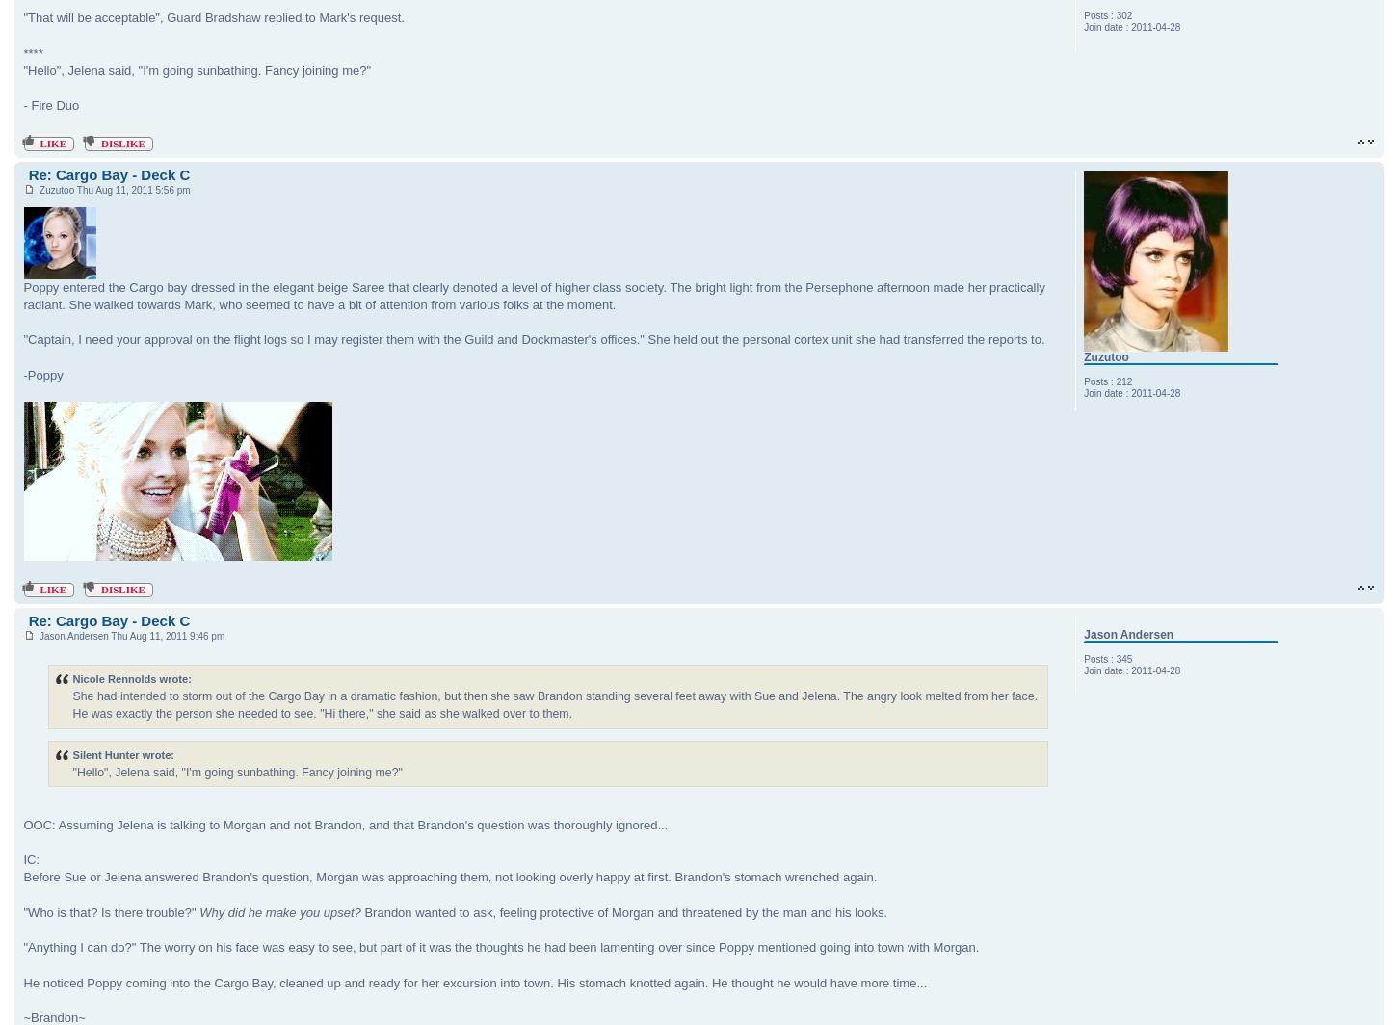 The image size is (1397, 1025). Describe the element at coordinates (212, 17) in the screenshot. I see `'"That will be acceptable", Guard Bradshaw replied to Mark's request.'` at that location.